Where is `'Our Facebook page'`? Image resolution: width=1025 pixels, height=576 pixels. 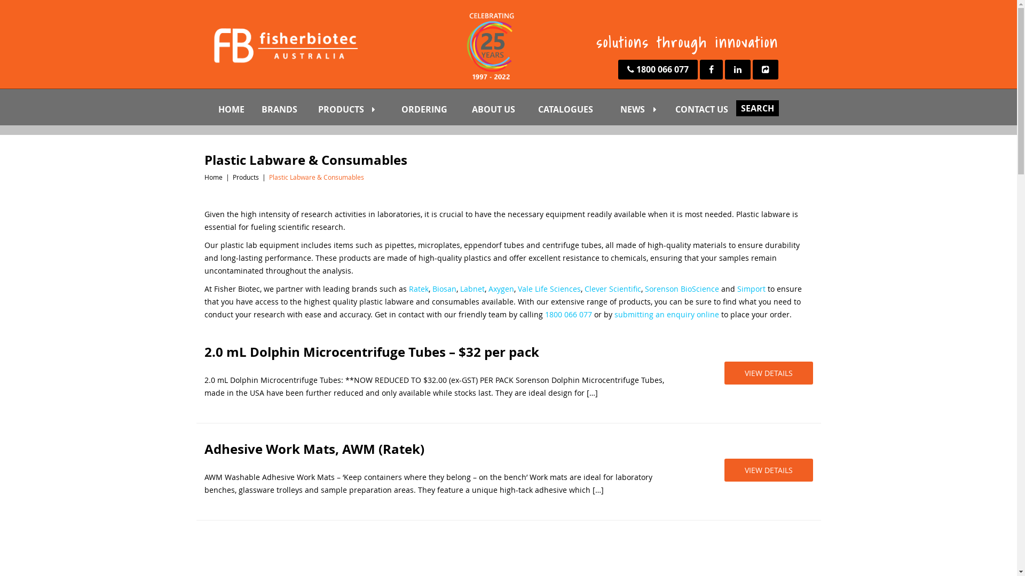
'Our Facebook page' is located at coordinates (711, 69).